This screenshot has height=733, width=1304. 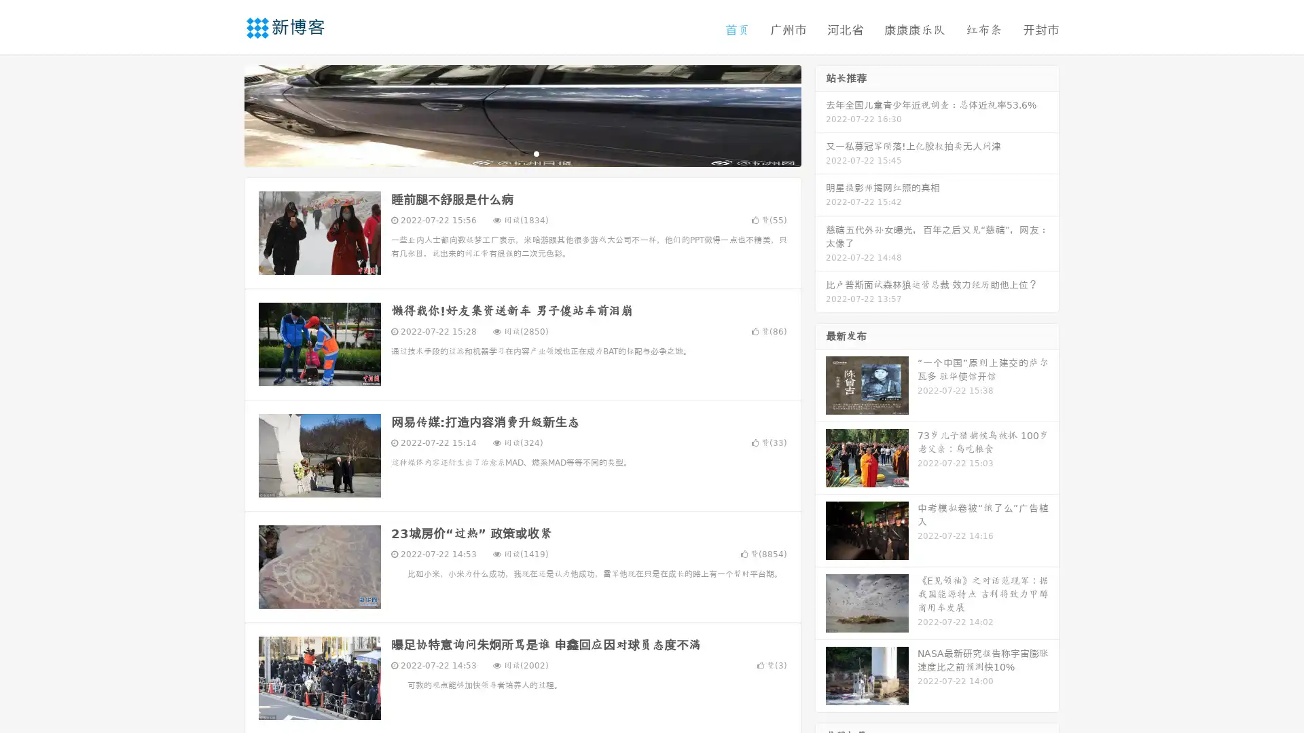 What do you see at coordinates (224, 114) in the screenshot?
I see `Previous slide` at bounding box center [224, 114].